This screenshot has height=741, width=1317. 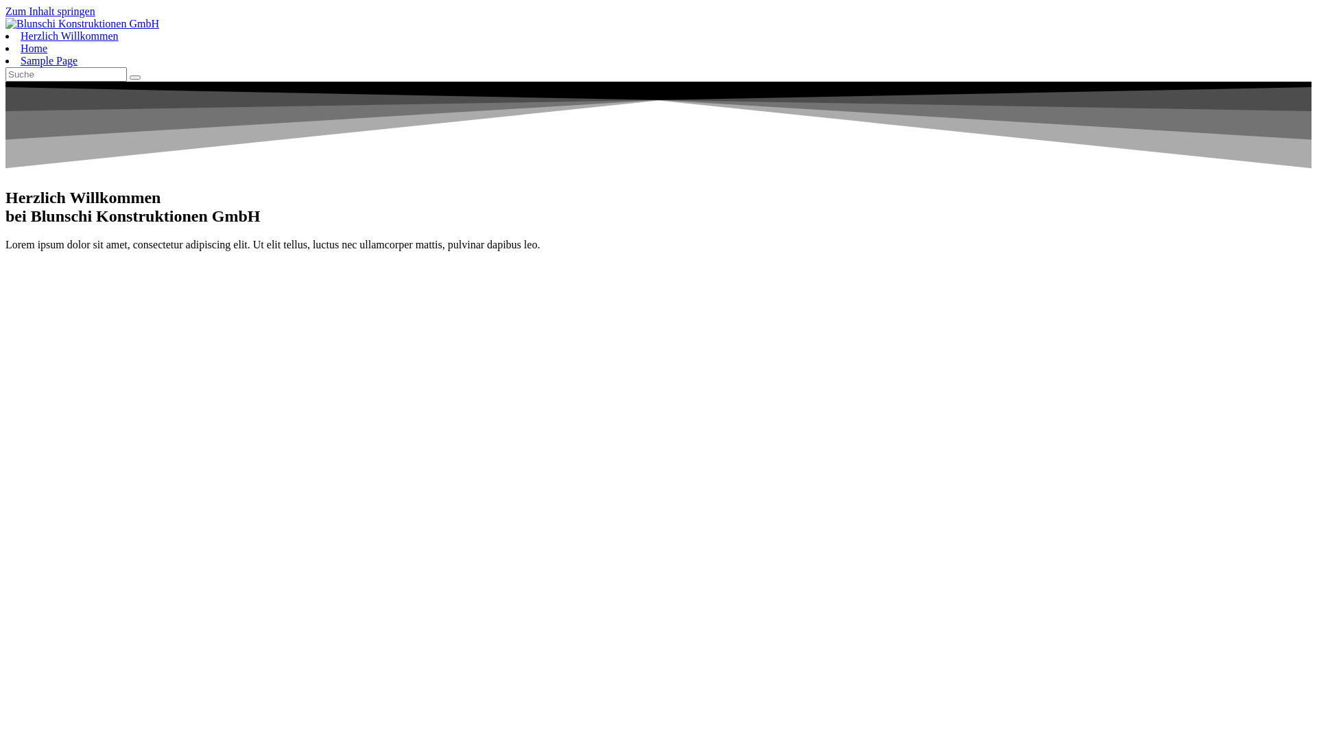 What do you see at coordinates (34, 47) in the screenshot?
I see `'Home'` at bounding box center [34, 47].